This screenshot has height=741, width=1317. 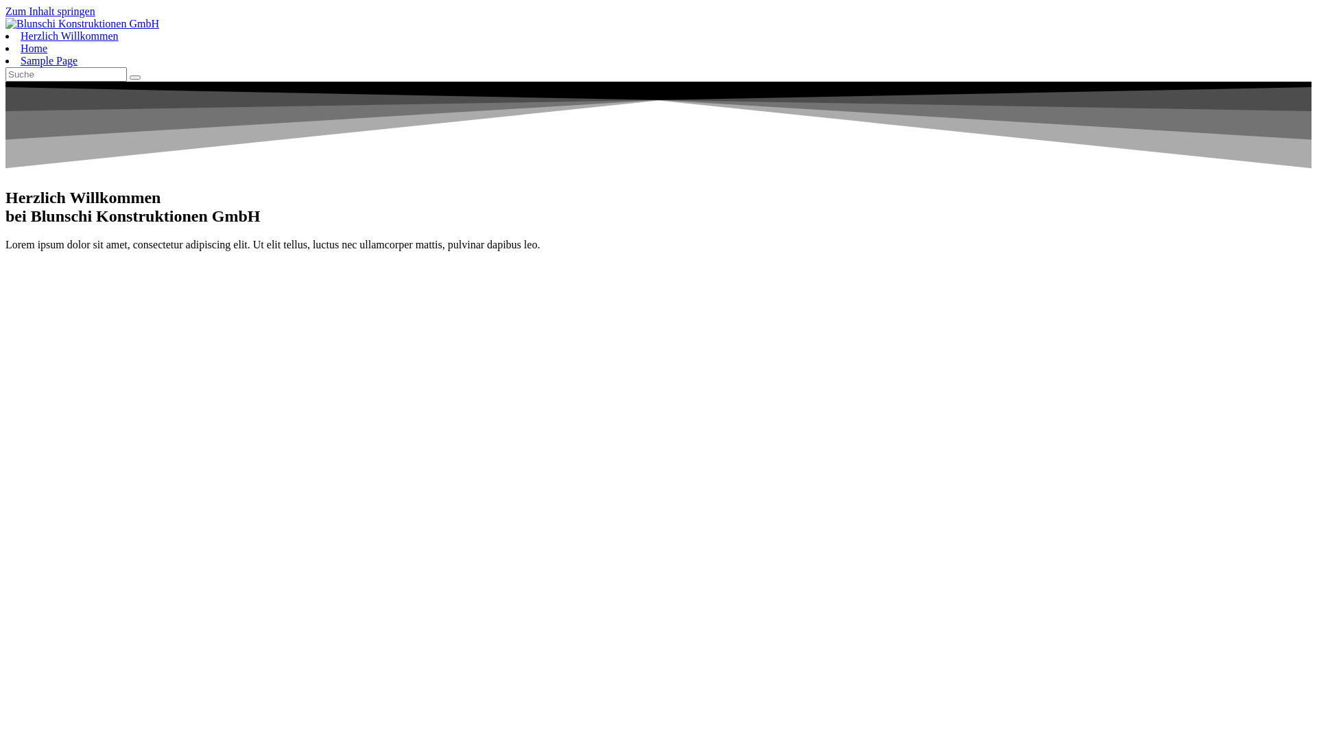 What do you see at coordinates (34, 47) in the screenshot?
I see `'Home'` at bounding box center [34, 47].